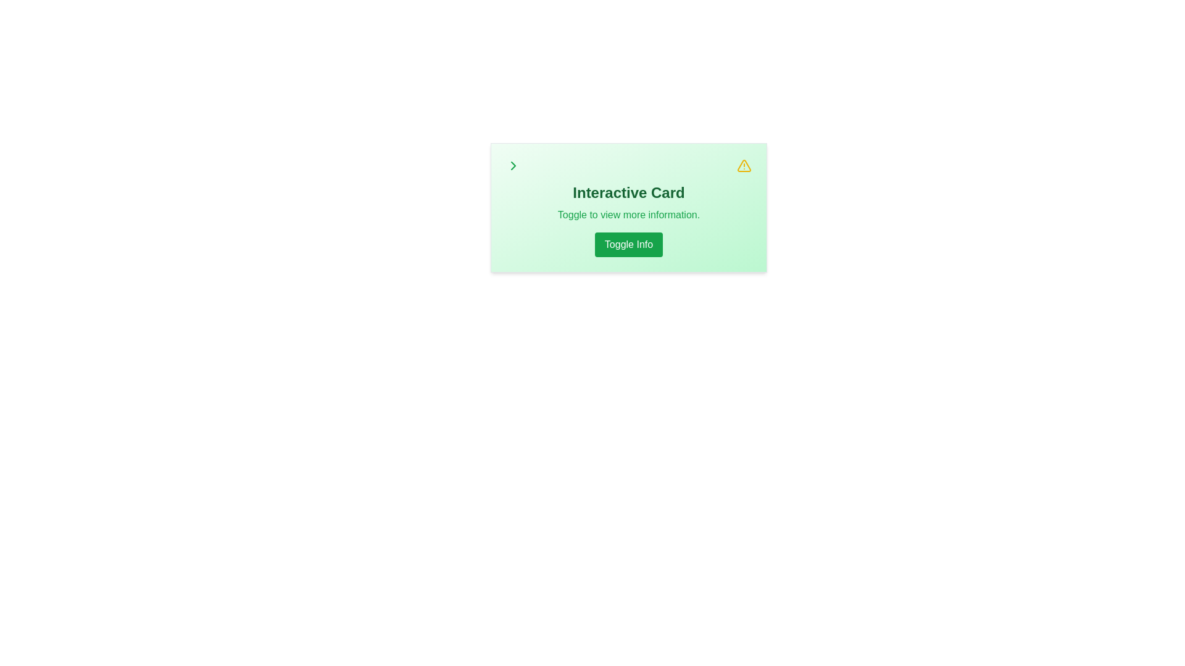 Image resolution: width=1185 pixels, height=666 pixels. I want to click on the warning alert icon located at the top right corner of the 'Interactive Card' UI component, so click(743, 165).